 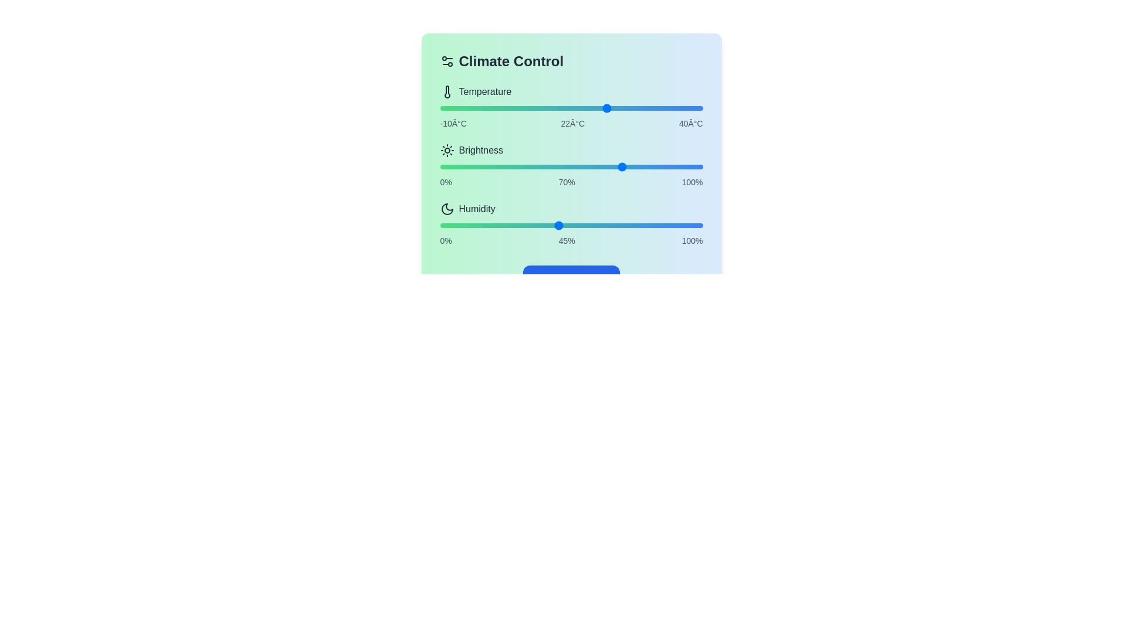 What do you see at coordinates (446, 150) in the screenshot?
I see `the sun-shaped icon representing brightness settings, which is located beside the 'Brightness' label` at bounding box center [446, 150].